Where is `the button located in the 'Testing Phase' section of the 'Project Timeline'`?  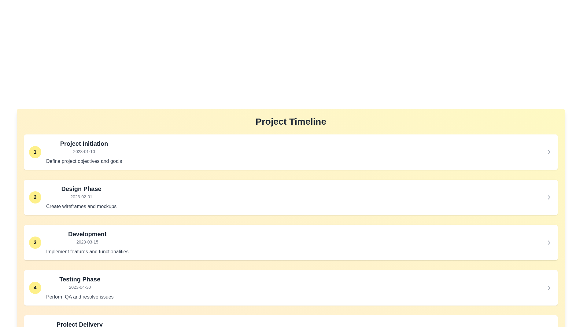
the button located in the 'Testing Phase' section of the 'Project Timeline' is located at coordinates (549, 288).